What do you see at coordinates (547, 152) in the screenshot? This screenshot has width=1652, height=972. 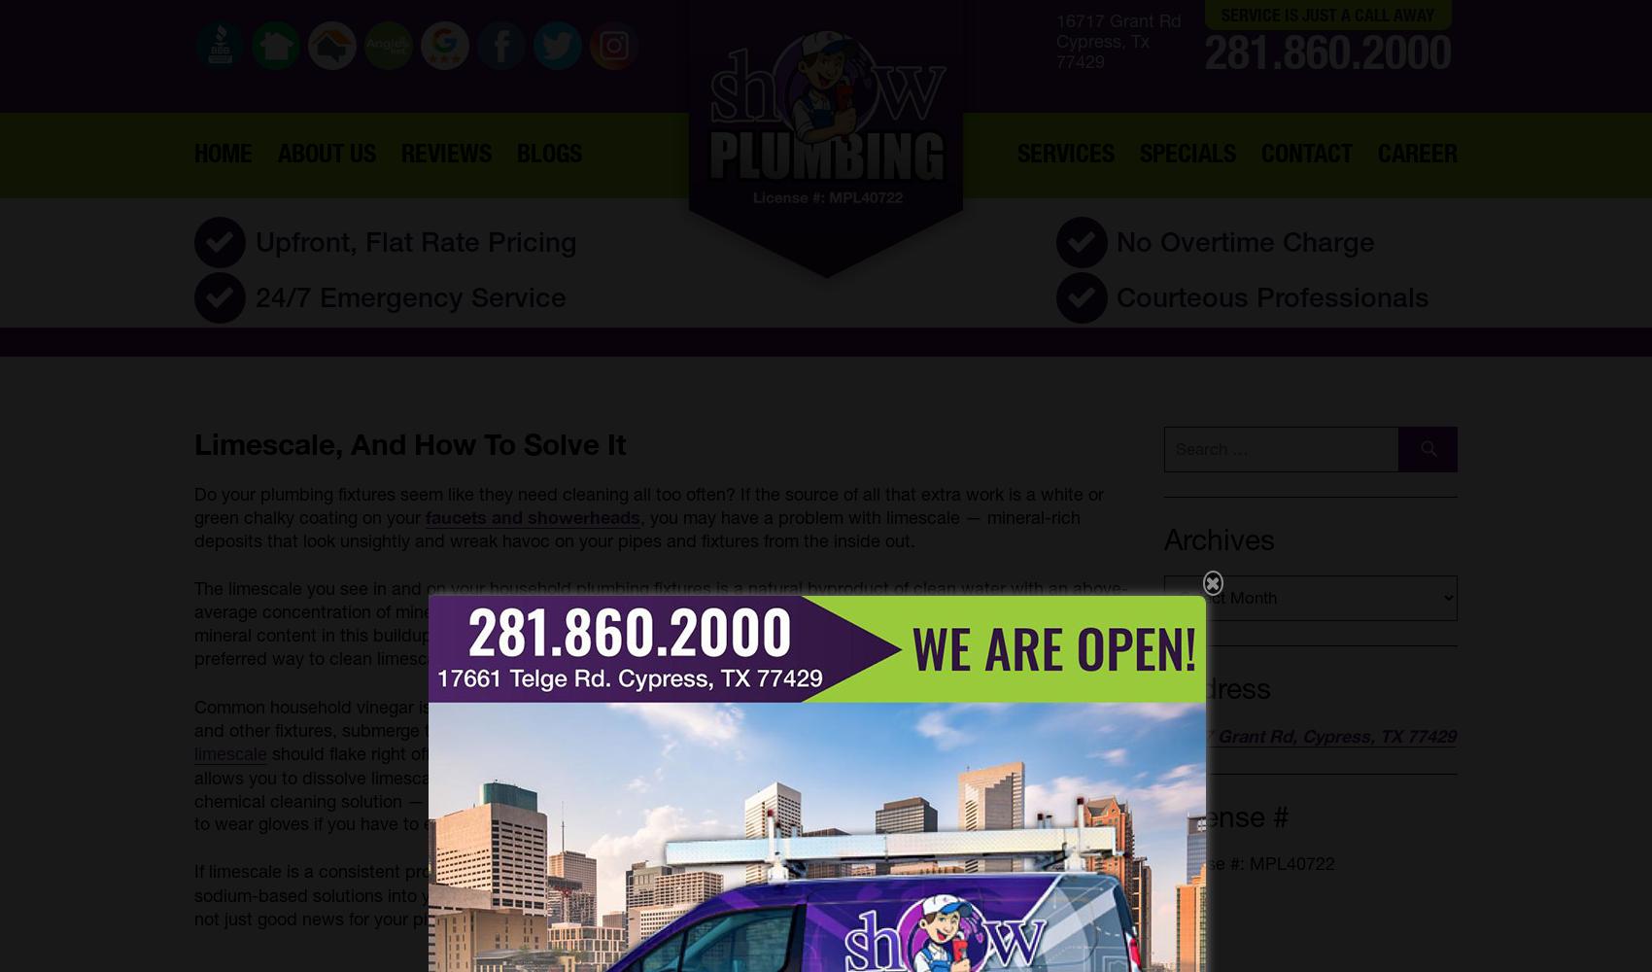 I see `'BLOGS'` at bounding box center [547, 152].